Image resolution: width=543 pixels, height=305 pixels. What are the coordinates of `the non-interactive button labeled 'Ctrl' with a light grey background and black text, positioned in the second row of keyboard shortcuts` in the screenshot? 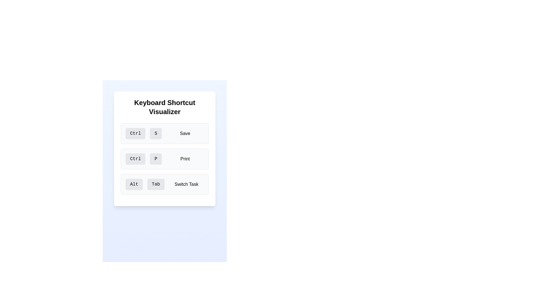 It's located at (135, 159).